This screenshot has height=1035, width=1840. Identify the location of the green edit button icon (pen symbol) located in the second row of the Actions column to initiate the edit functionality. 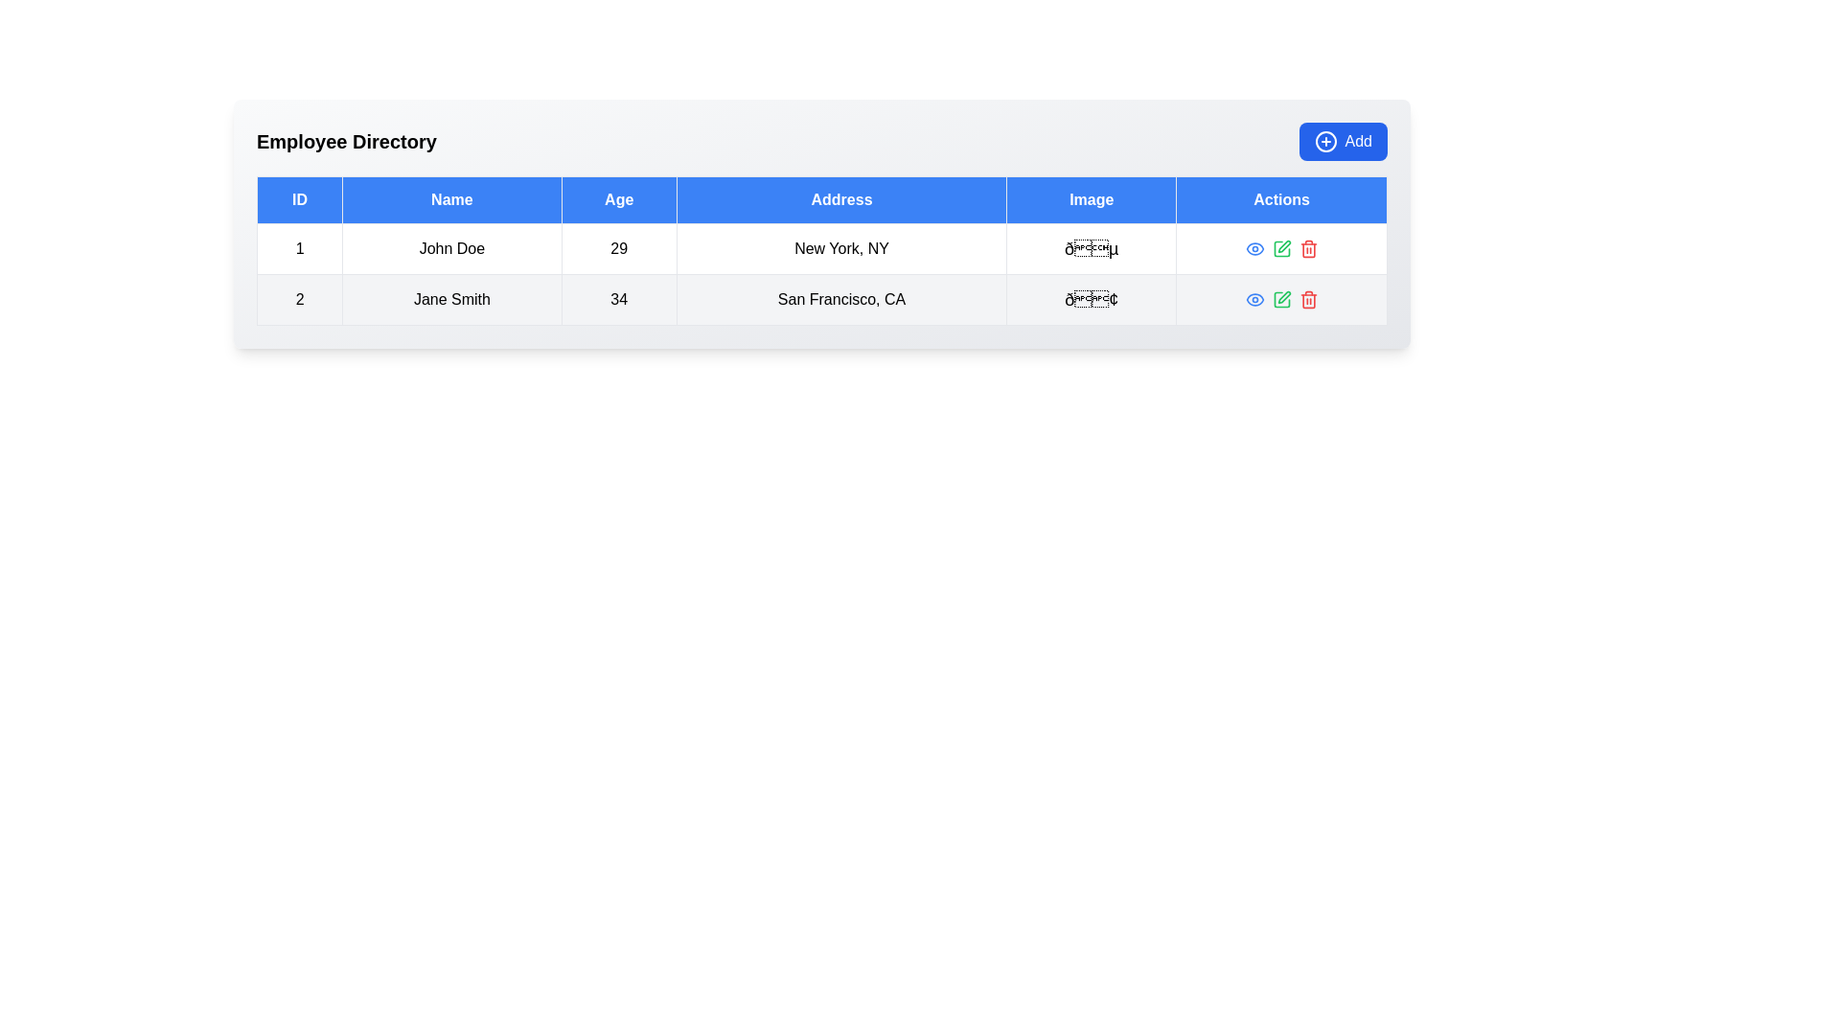
(1281, 299).